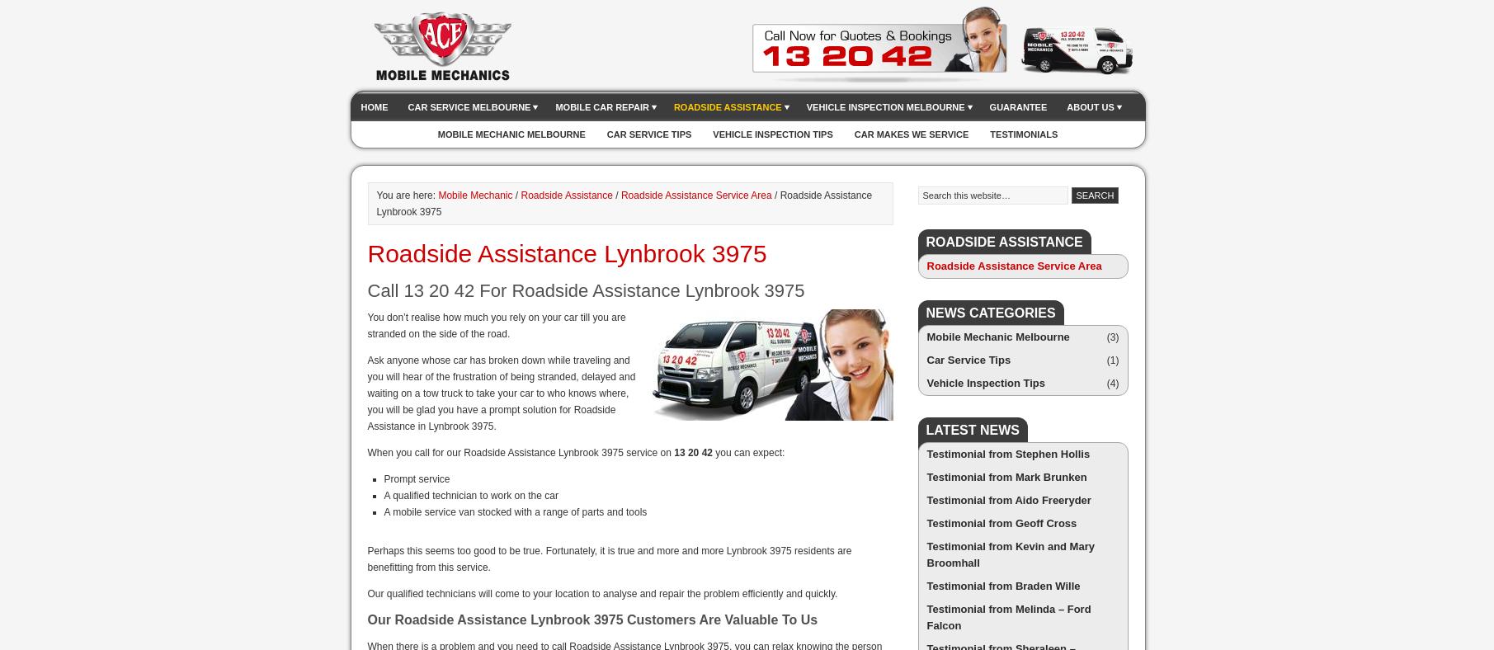 The height and width of the screenshot is (650, 1494). I want to click on 'About Us', so click(1067, 107).